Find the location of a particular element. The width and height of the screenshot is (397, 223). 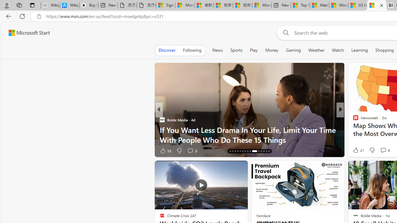

'AutomationID: tab-18' is located at coordinates (235, 151).